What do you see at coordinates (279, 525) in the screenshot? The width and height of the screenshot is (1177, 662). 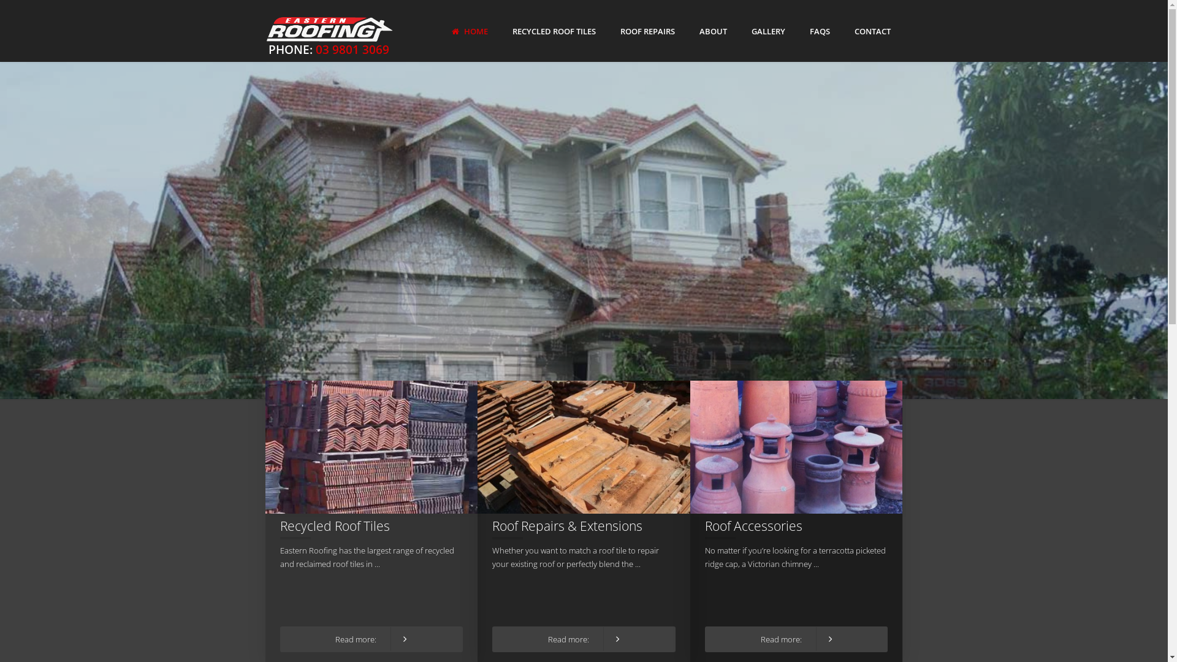 I see `'Recycled Roof Tiles'` at bounding box center [279, 525].